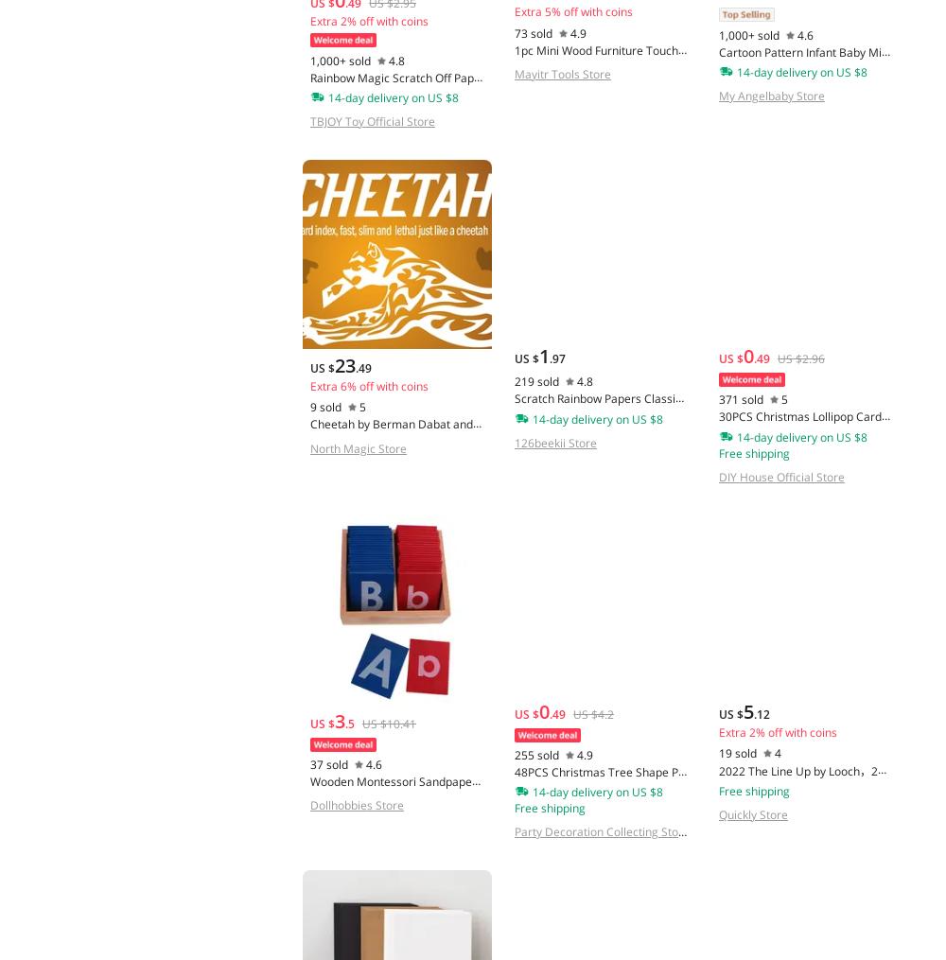 This screenshot has width=946, height=960. I want to click on '1pc Mini Wood Furniture Touch Up Kit Wood Furniture Floor Scratch Filler Cream Wax For Crevice DIY Filler Remover Repair Fix', so click(599, 76).